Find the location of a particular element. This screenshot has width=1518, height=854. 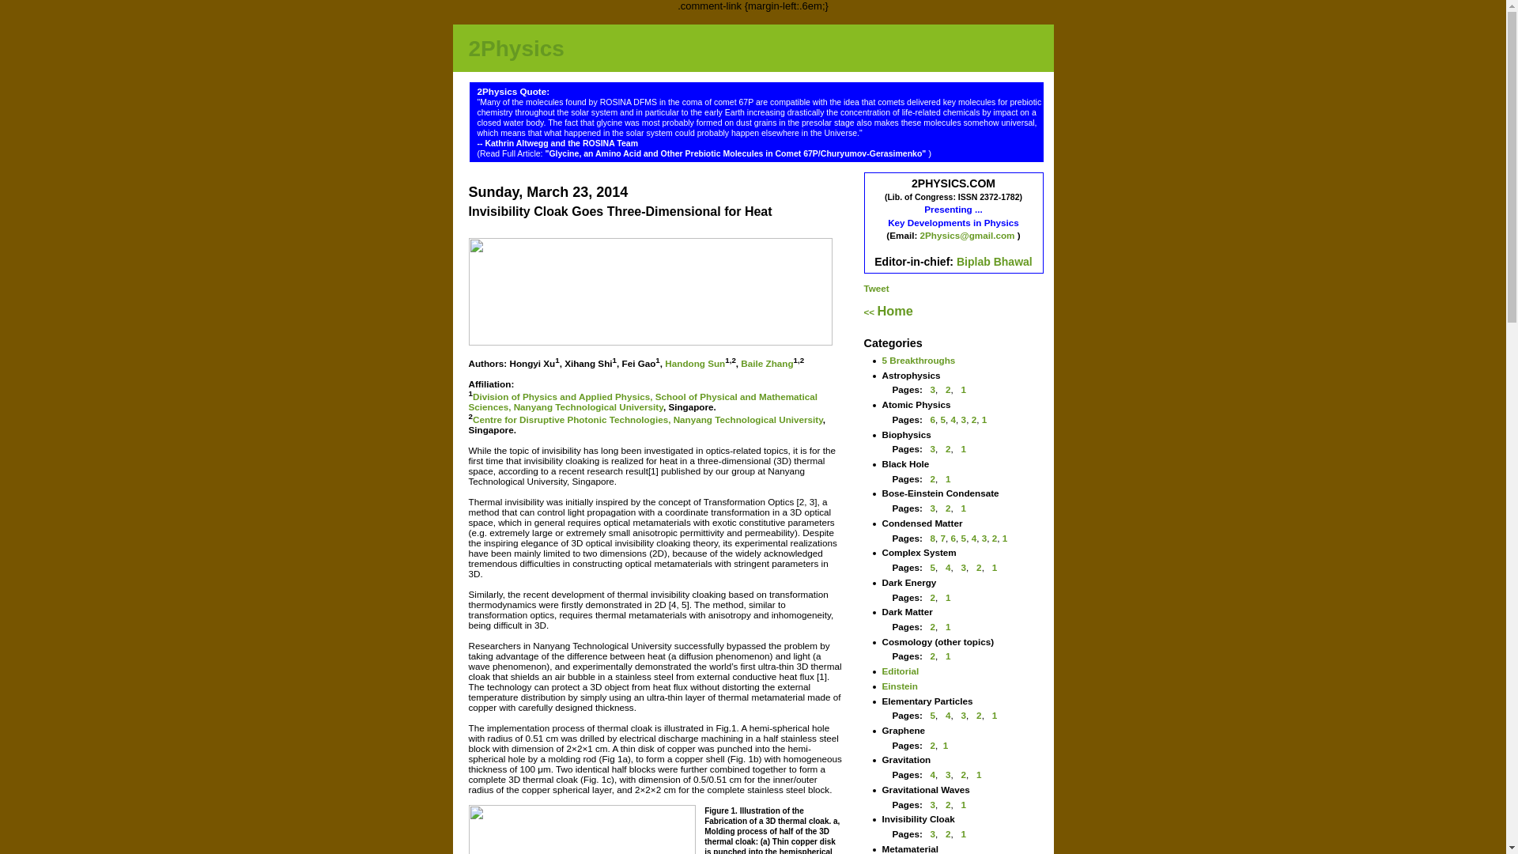

'1' is located at coordinates (963, 448).